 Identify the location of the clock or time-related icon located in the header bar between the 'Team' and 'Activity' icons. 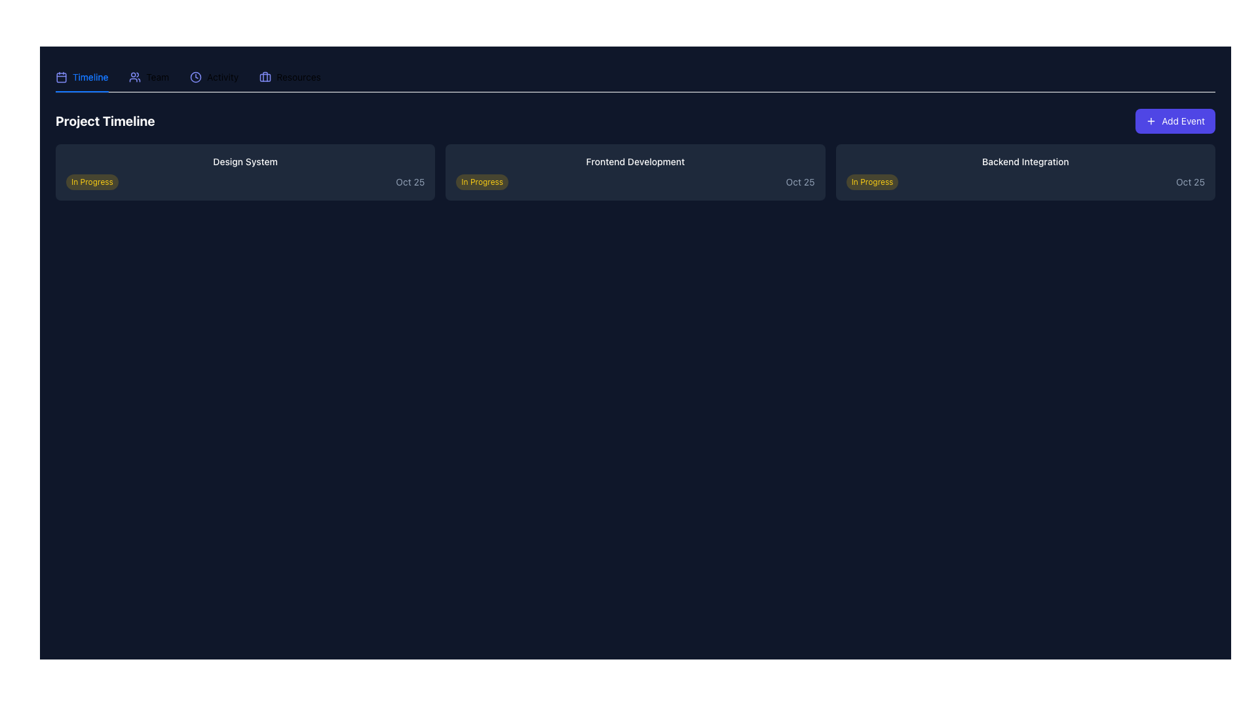
(195, 77).